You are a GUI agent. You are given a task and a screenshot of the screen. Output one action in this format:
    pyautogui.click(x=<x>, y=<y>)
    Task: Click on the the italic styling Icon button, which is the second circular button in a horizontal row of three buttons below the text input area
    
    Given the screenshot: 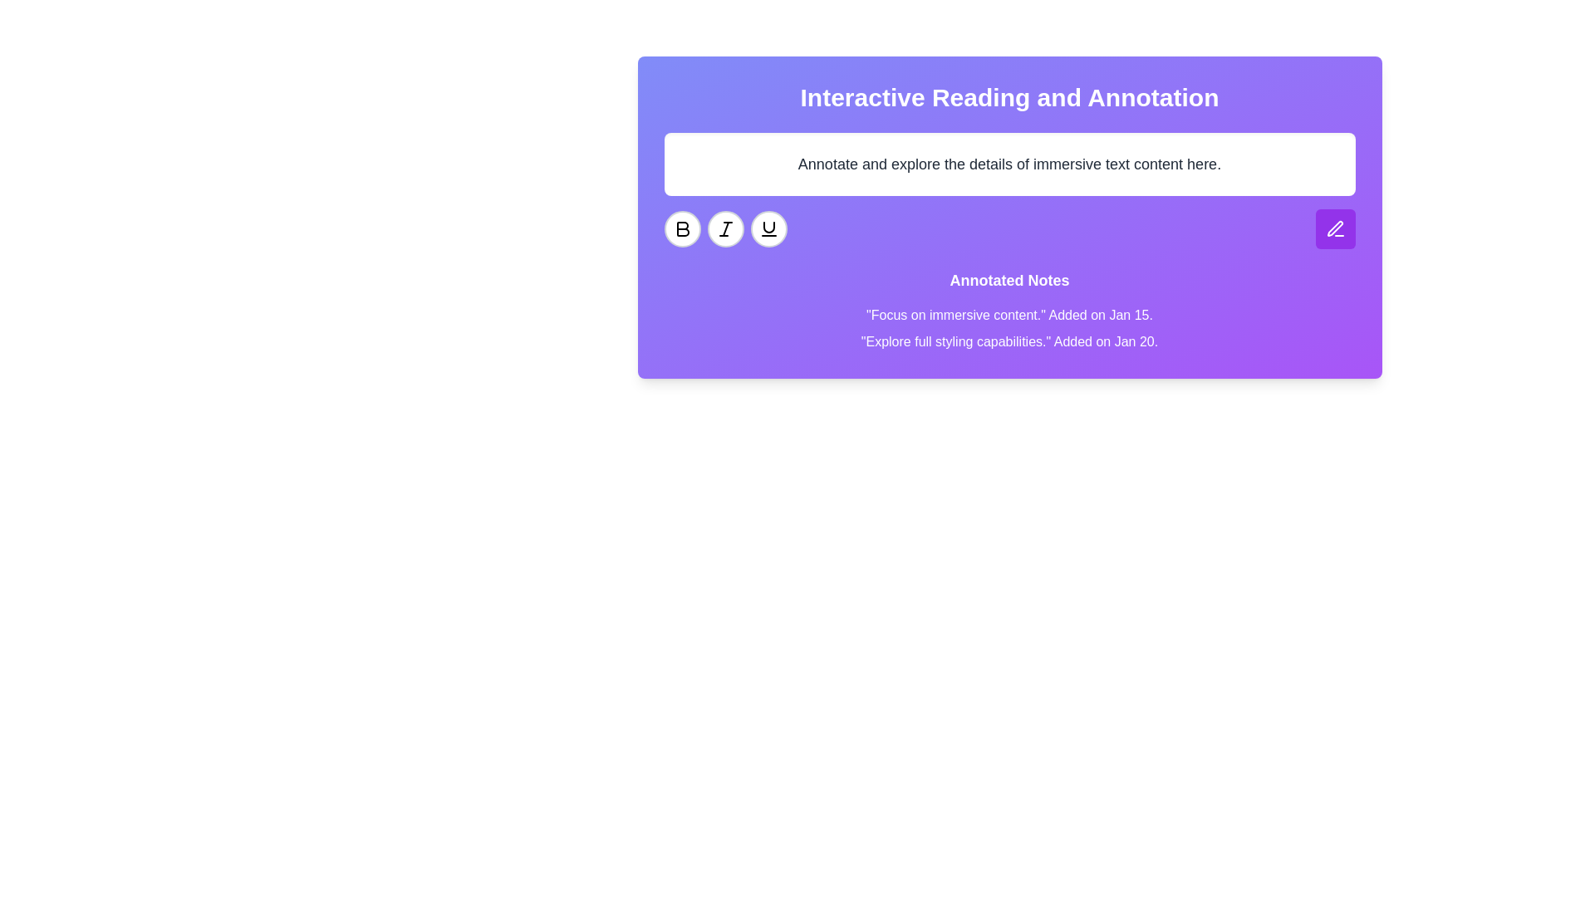 What is the action you would take?
    pyautogui.click(x=725, y=229)
    